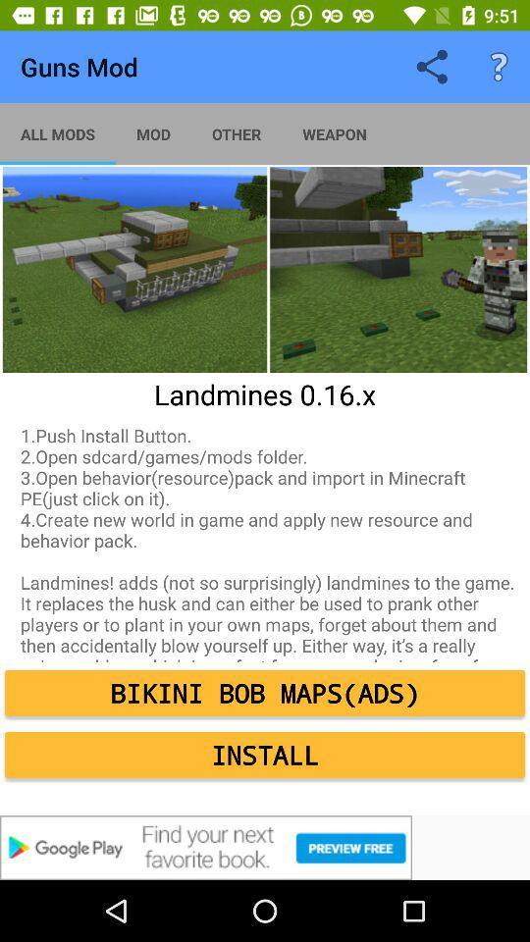 This screenshot has width=530, height=942. Describe the element at coordinates (265, 847) in the screenshot. I see `external advertisement` at that location.